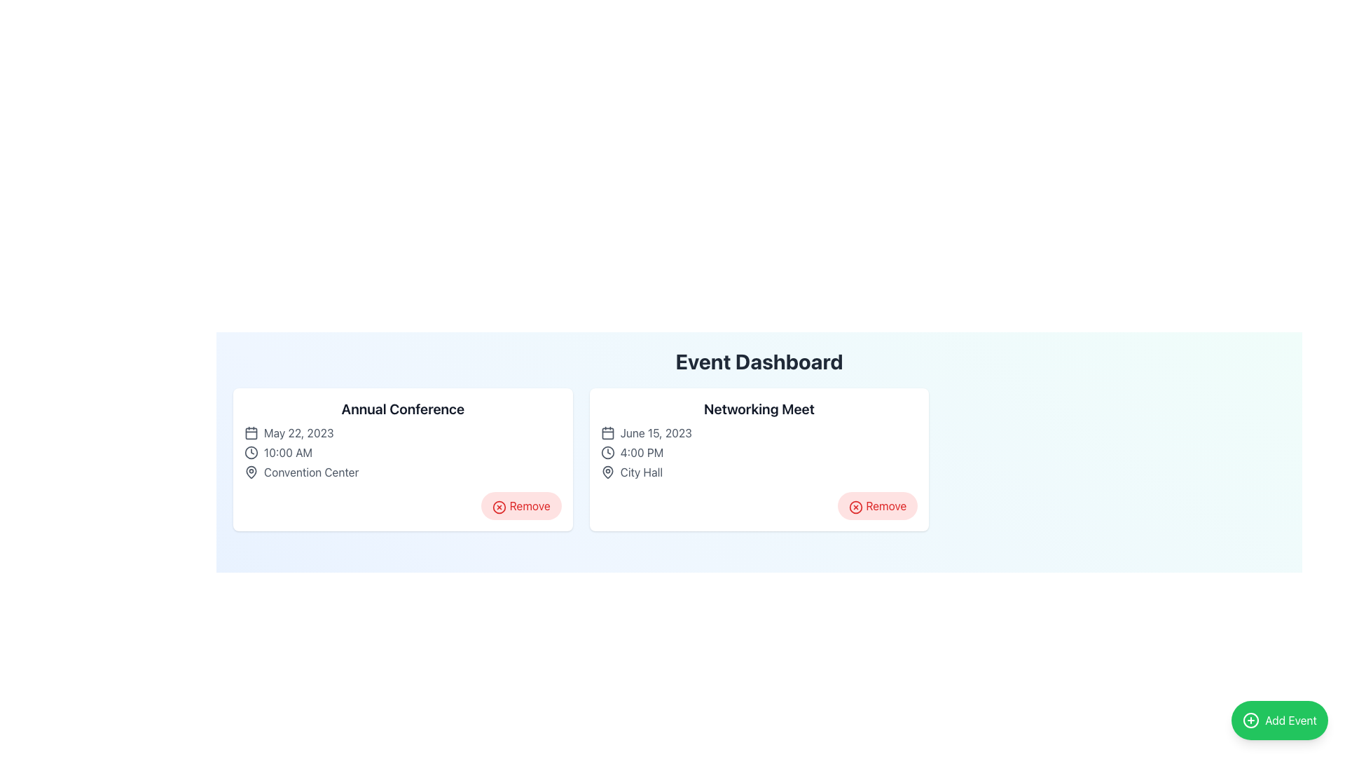 Image resolution: width=1345 pixels, height=757 pixels. What do you see at coordinates (287, 452) in the screenshot?
I see `displayed time from the text label showing '10:00 AM' next to the clock icon under the 'Annual Conference' heading in the 'Event Dashboard'` at bounding box center [287, 452].